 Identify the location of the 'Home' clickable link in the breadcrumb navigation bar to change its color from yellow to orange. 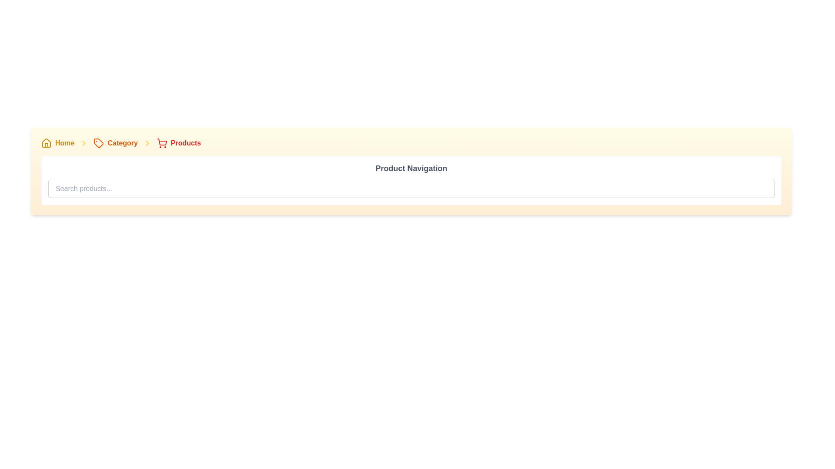
(64, 143).